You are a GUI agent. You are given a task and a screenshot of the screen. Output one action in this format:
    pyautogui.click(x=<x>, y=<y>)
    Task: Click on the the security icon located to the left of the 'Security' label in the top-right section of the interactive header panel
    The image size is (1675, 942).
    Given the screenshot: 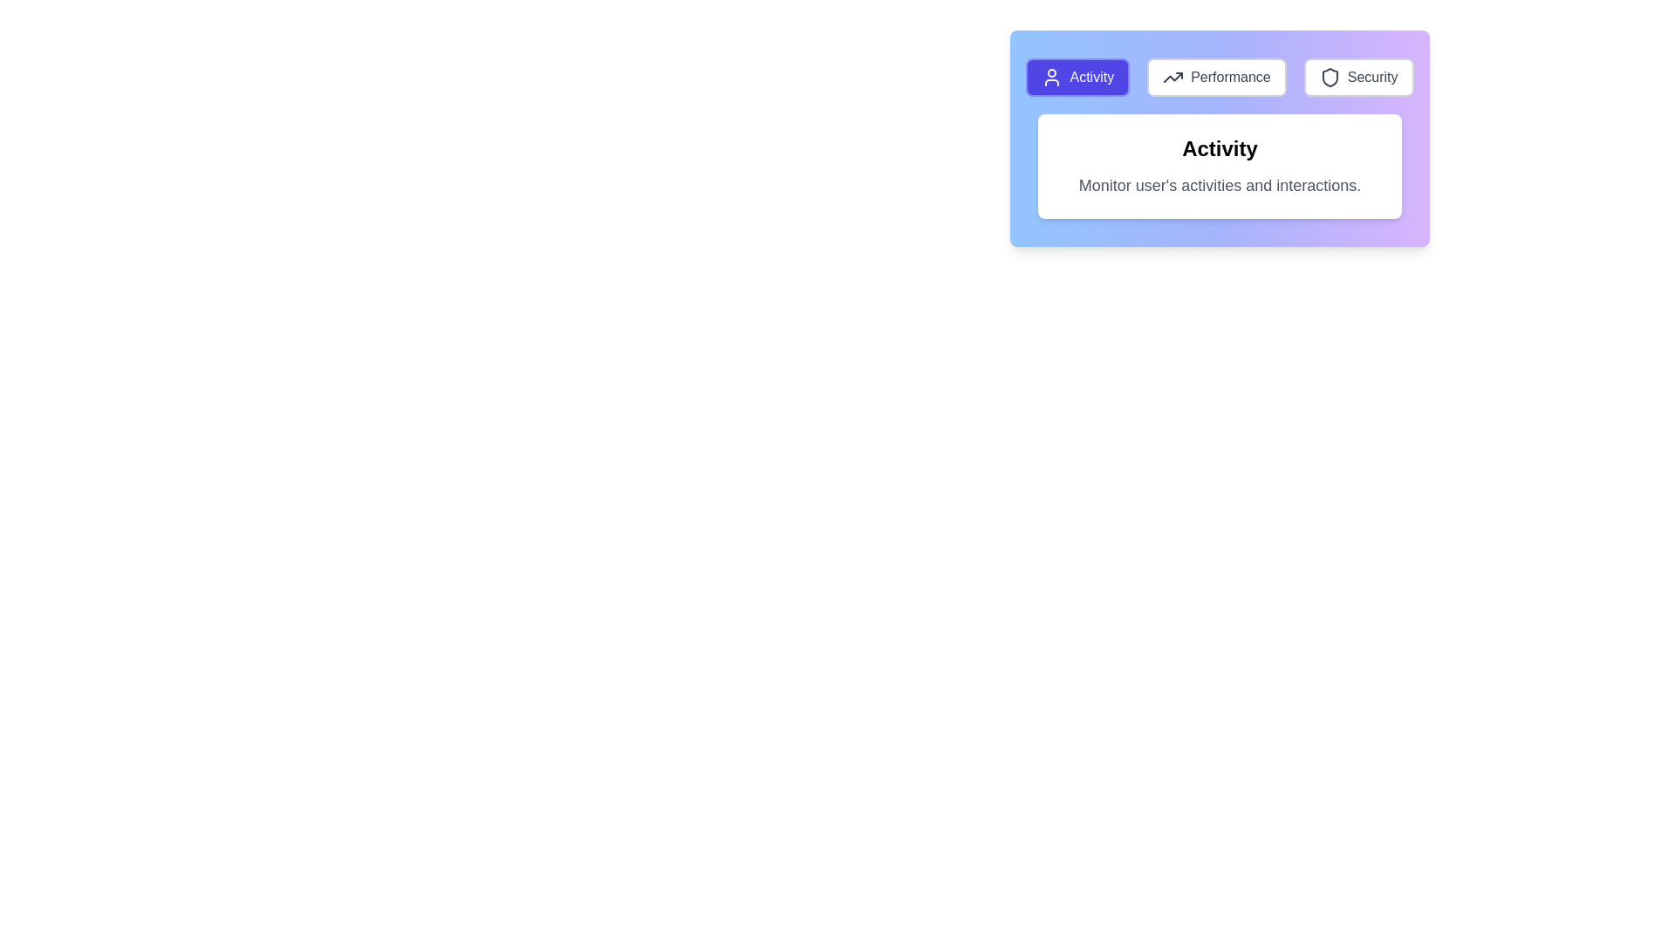 What is the action you would take?
    pyautogui.click(x=1329, y=76)
    